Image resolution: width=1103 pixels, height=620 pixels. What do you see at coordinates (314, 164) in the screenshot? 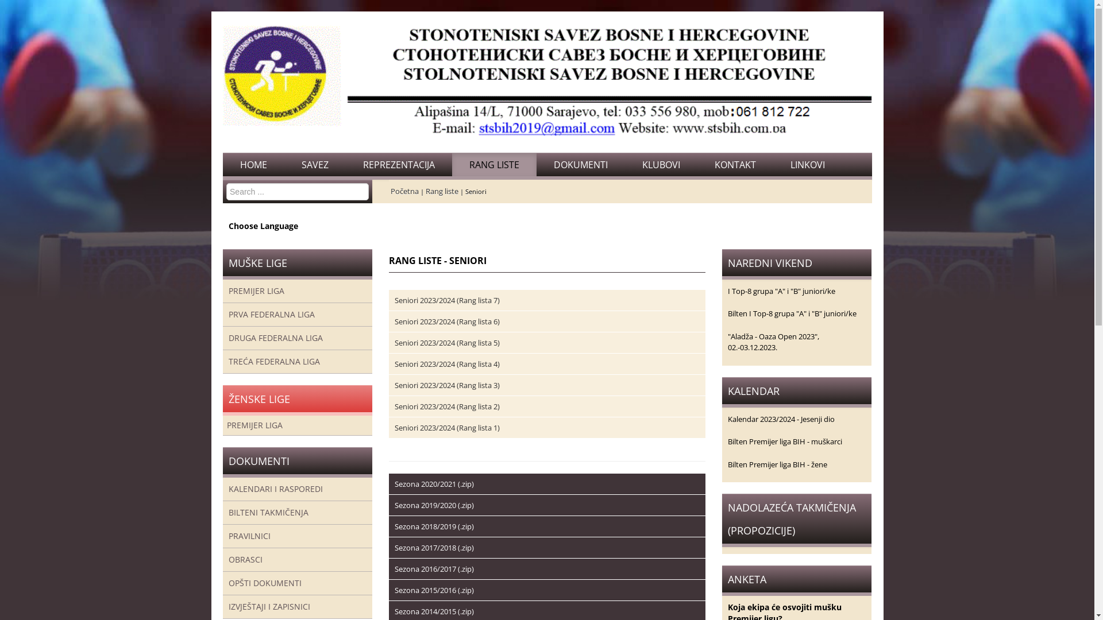
I see `'SAVEZ'` at bounding box center [314, 164].